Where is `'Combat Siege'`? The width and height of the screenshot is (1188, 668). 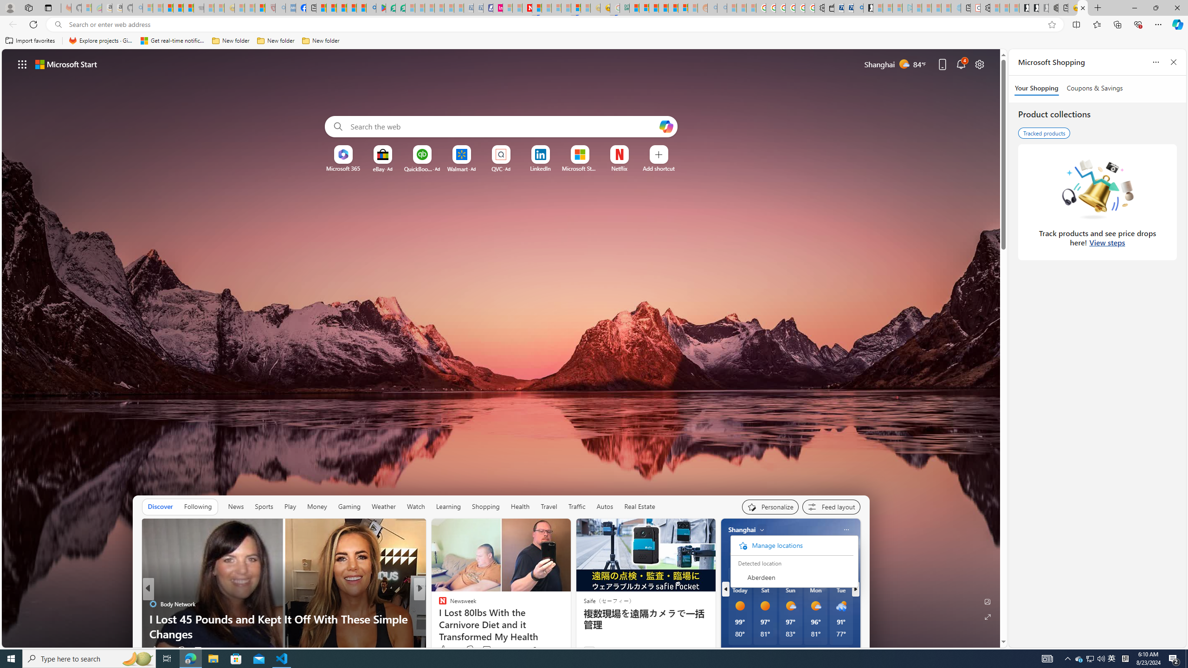
'Combat Siege' is located at coordinates (199, 7).